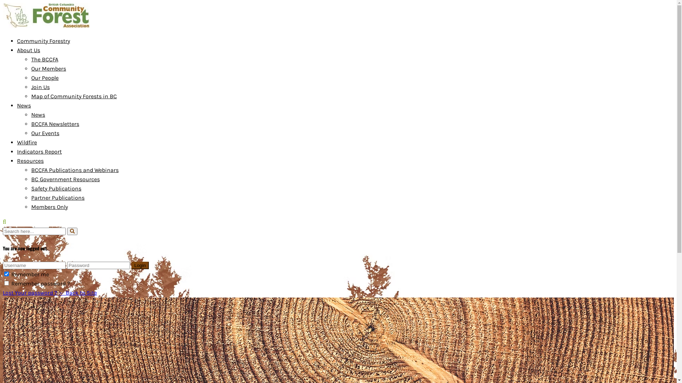 This screenshot has width=682, height=383. What do you see at coordinates (40, 87) in the screenshot?
I see `'Join Us'` at bounding box center [40, 87].